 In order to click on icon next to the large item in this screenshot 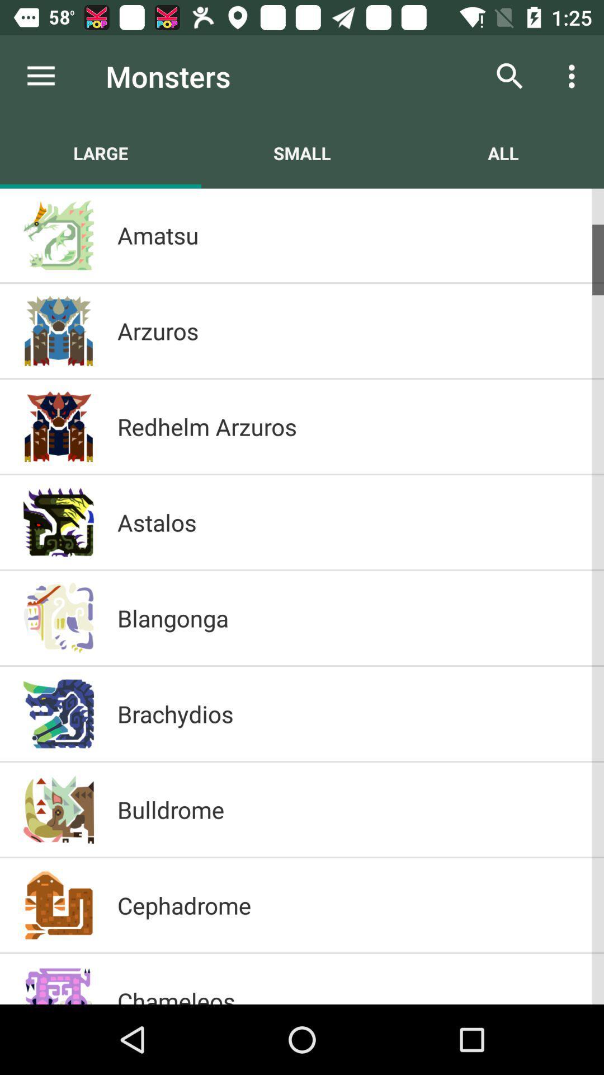, I will do `click(302, 152)`.